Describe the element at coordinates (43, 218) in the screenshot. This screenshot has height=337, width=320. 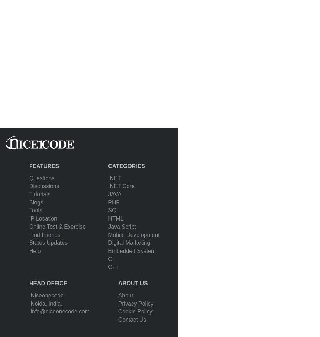
I see `'IP Location'` at that location.